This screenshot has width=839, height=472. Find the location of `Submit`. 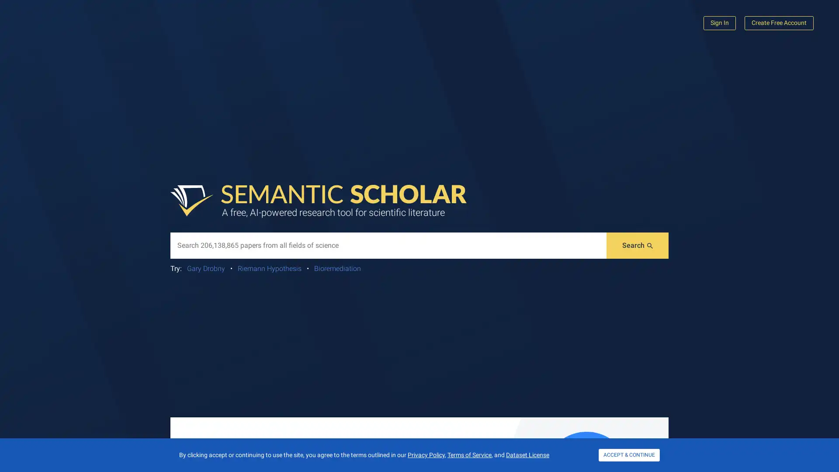

Submit is located at coordinates (638, 246).